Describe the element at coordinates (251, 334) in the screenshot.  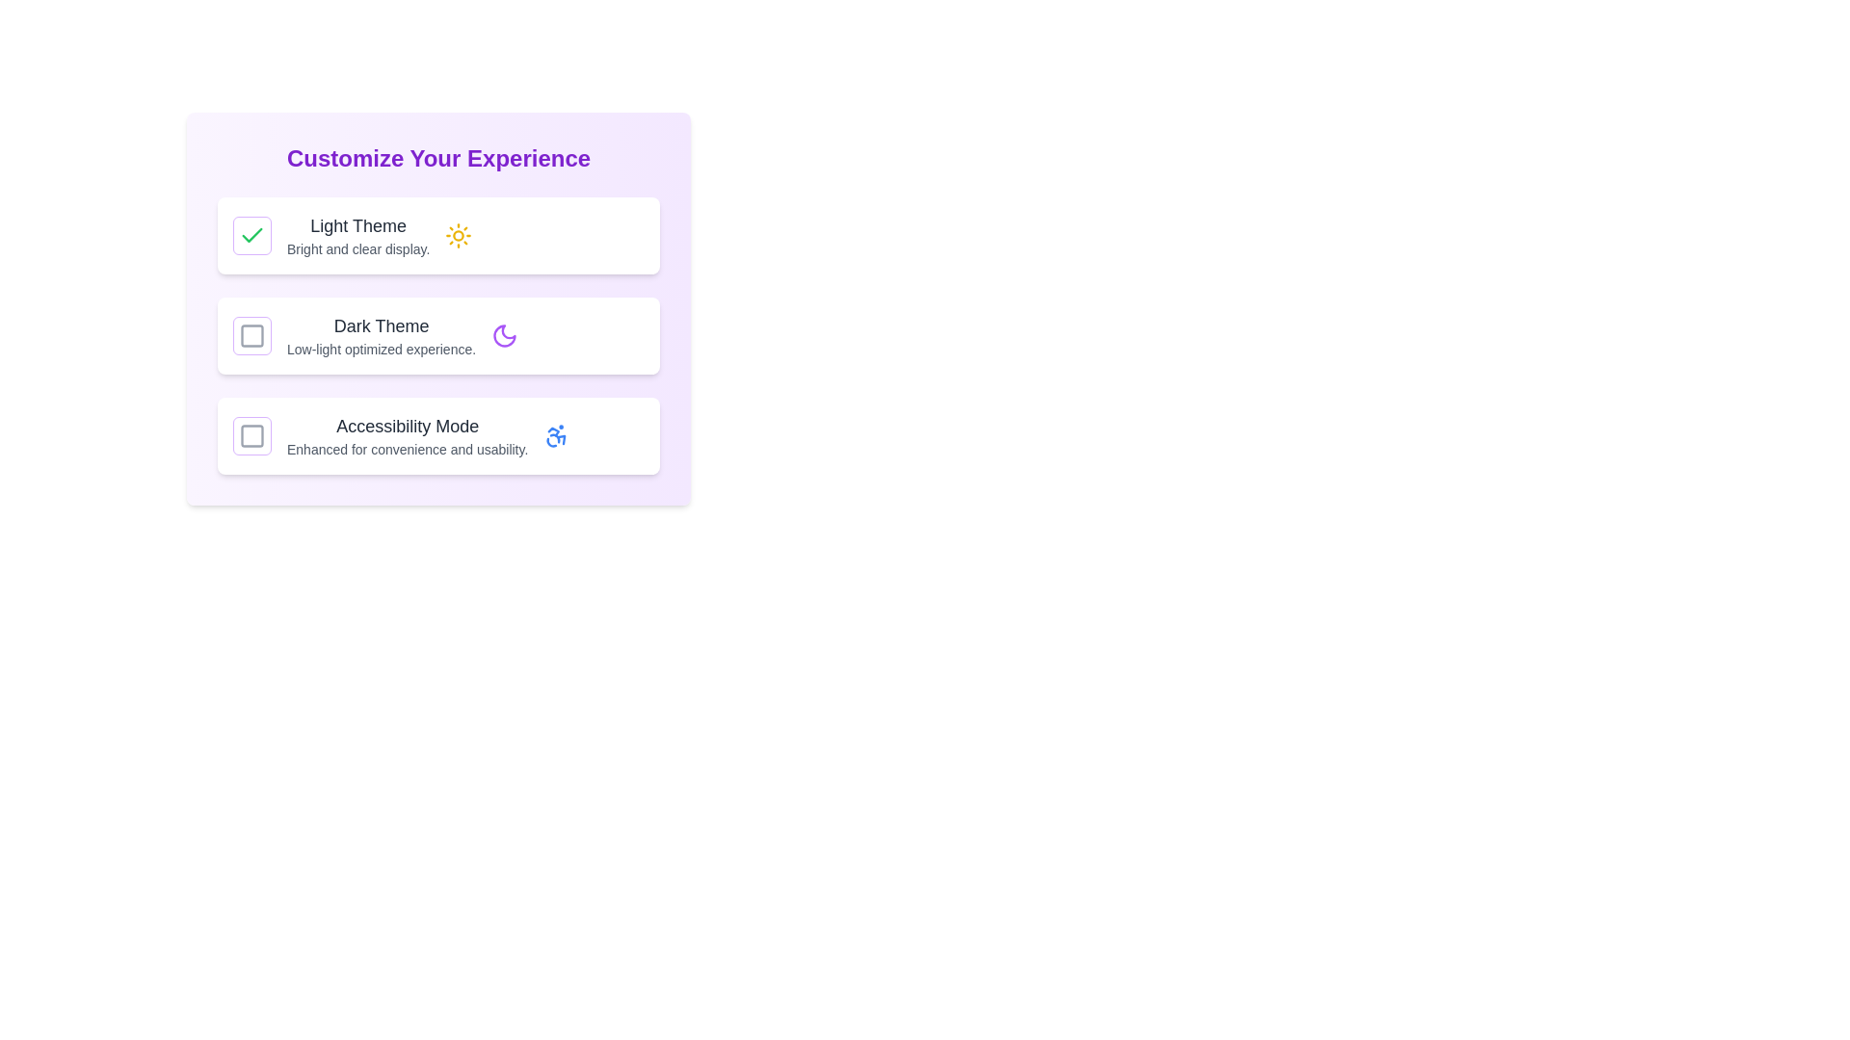
I see `the checkbox for selecting the 'Dark Theme' option, which is the second checkbox in the list under the 'Dark Theme' label` at that location.